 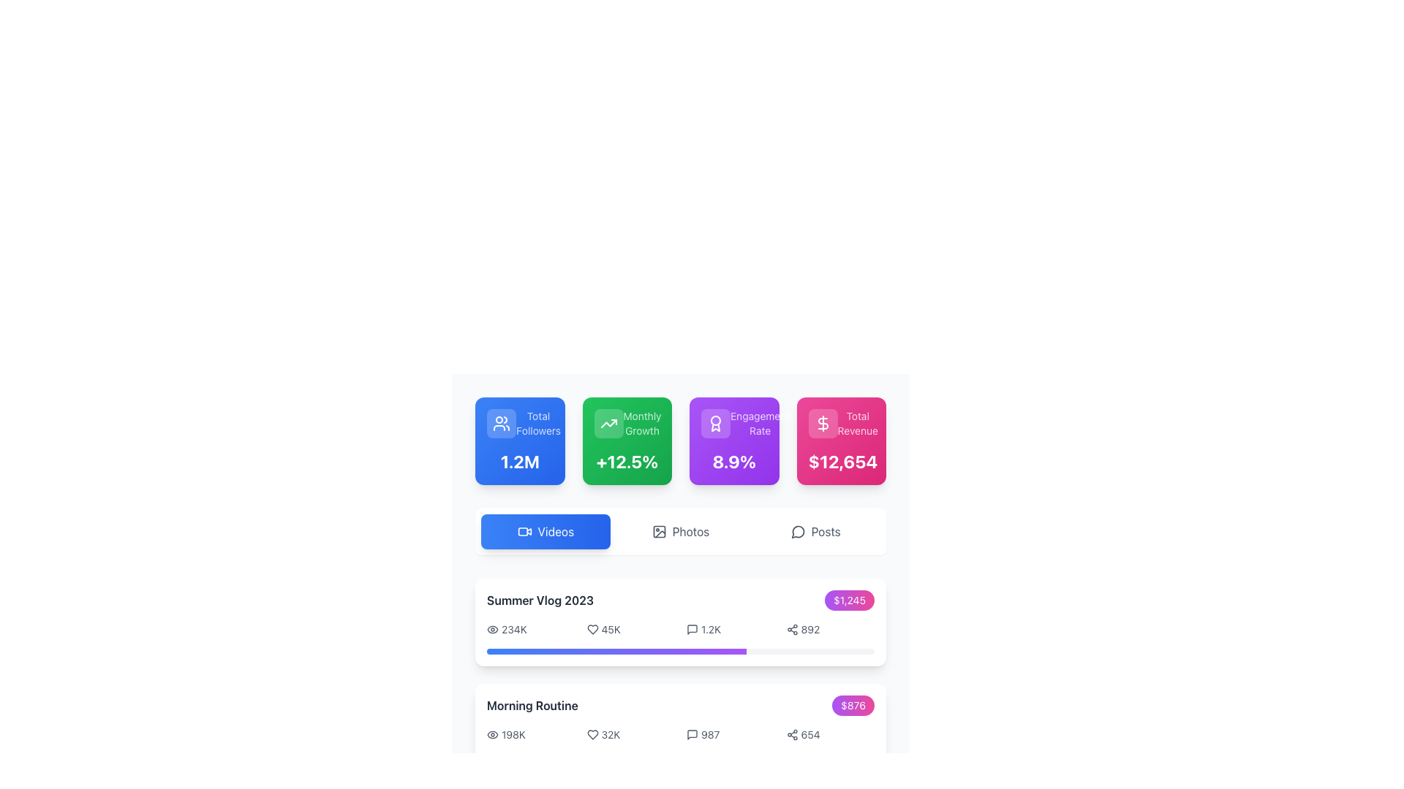 What do you see at coordinates (513, 735) in the screenshot?
I see `the view count metric for the 'Morning Routine' section, positioned to the right of the eye icon` at bounding box center [513, 735].